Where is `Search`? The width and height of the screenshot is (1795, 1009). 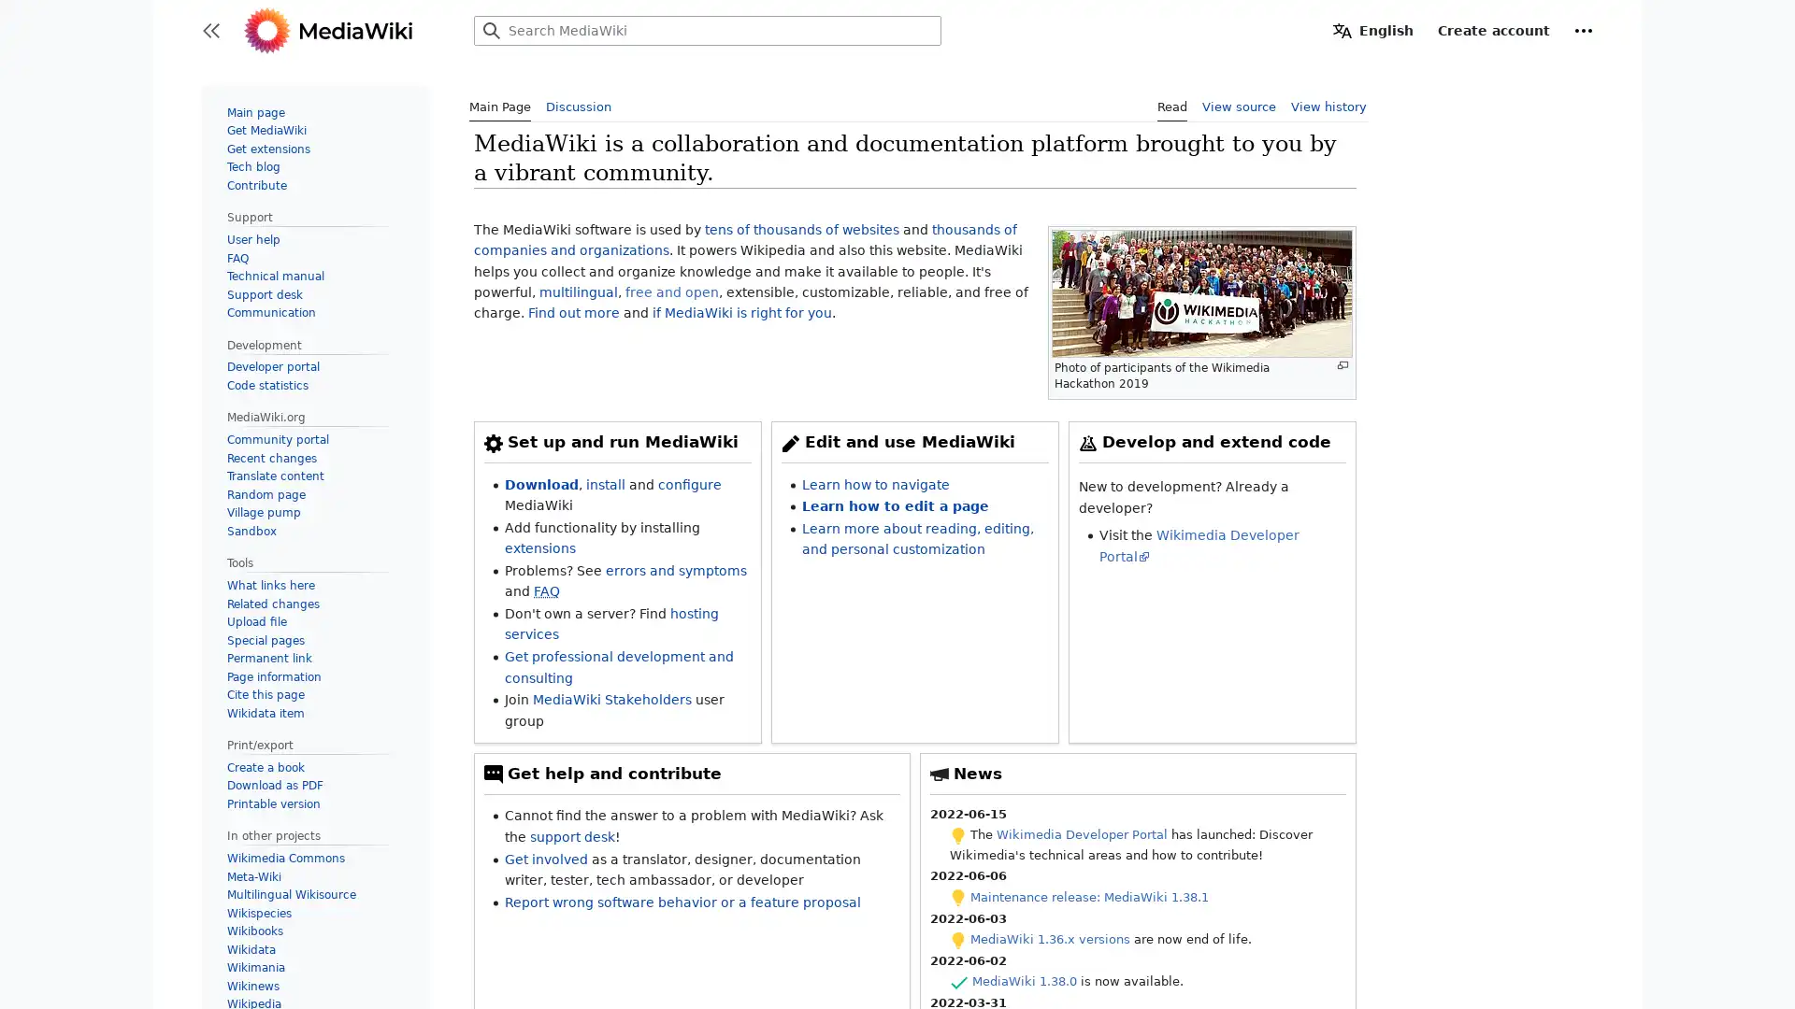 Search is located at coordinates (492, 31).